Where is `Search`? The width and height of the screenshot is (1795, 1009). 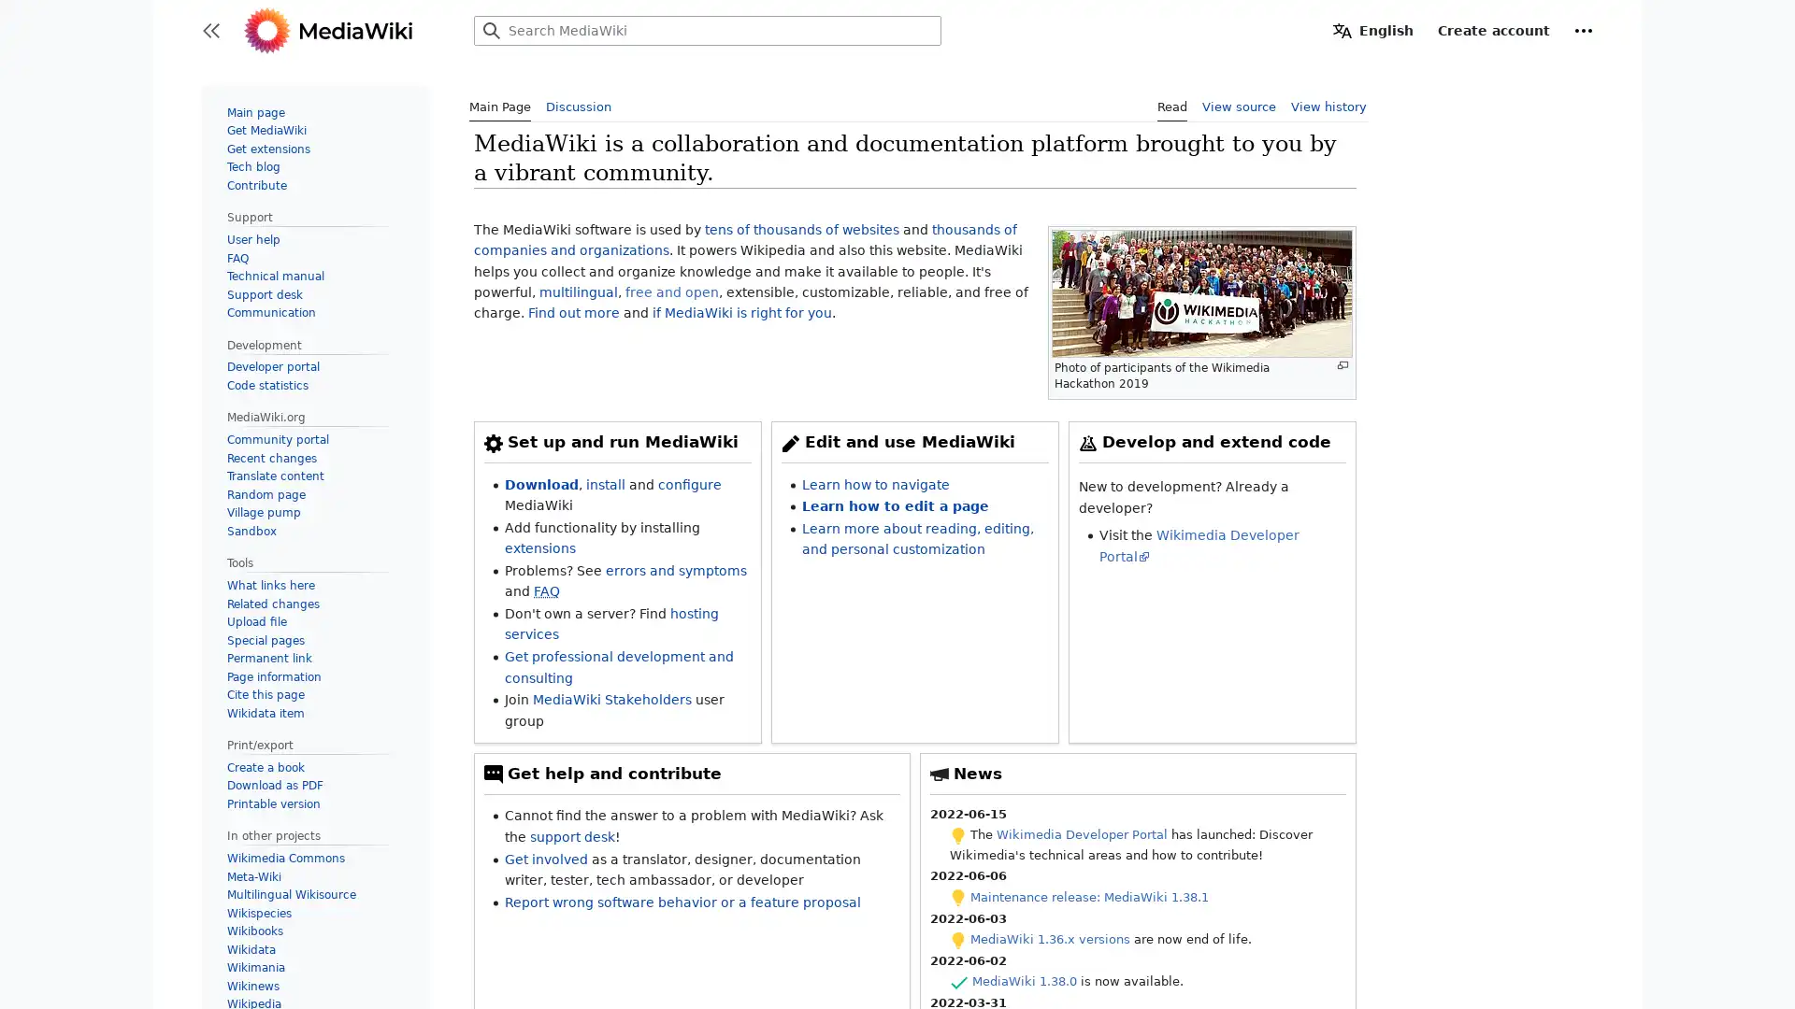 Search is located at coordinates (492, 31).